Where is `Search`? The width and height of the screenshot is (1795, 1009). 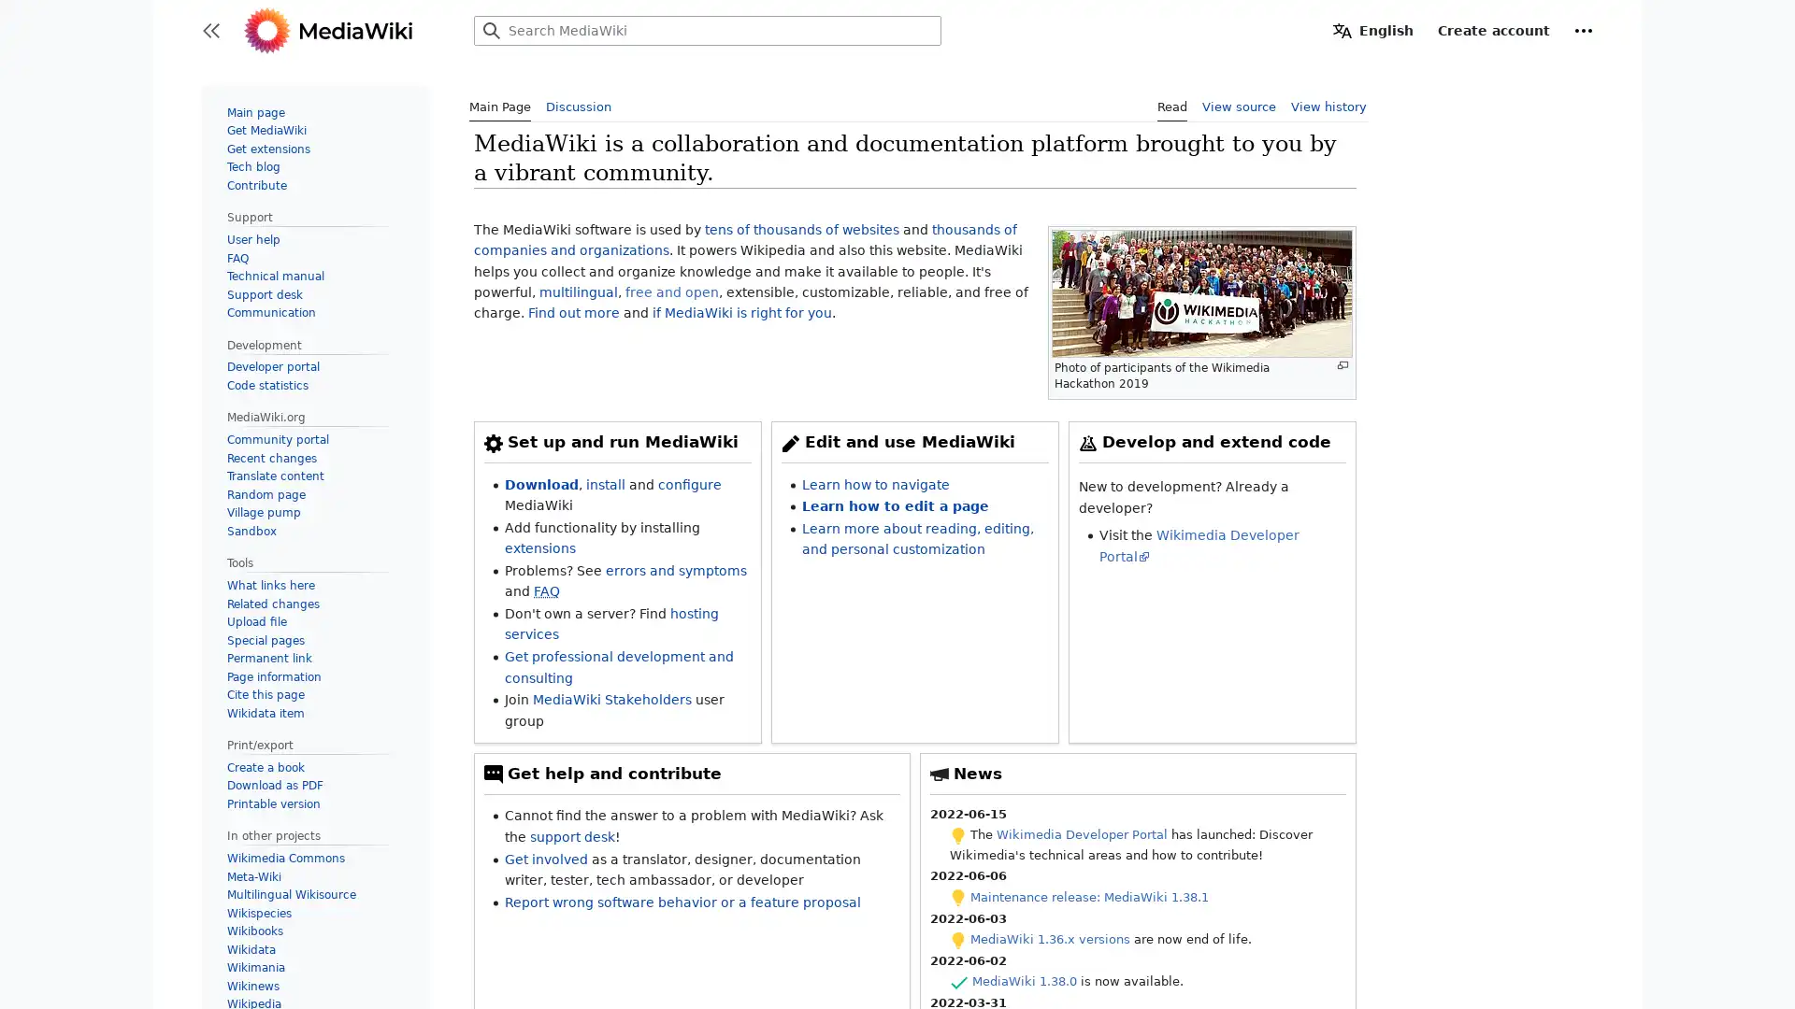 Search is located at coordinates (492, 31).